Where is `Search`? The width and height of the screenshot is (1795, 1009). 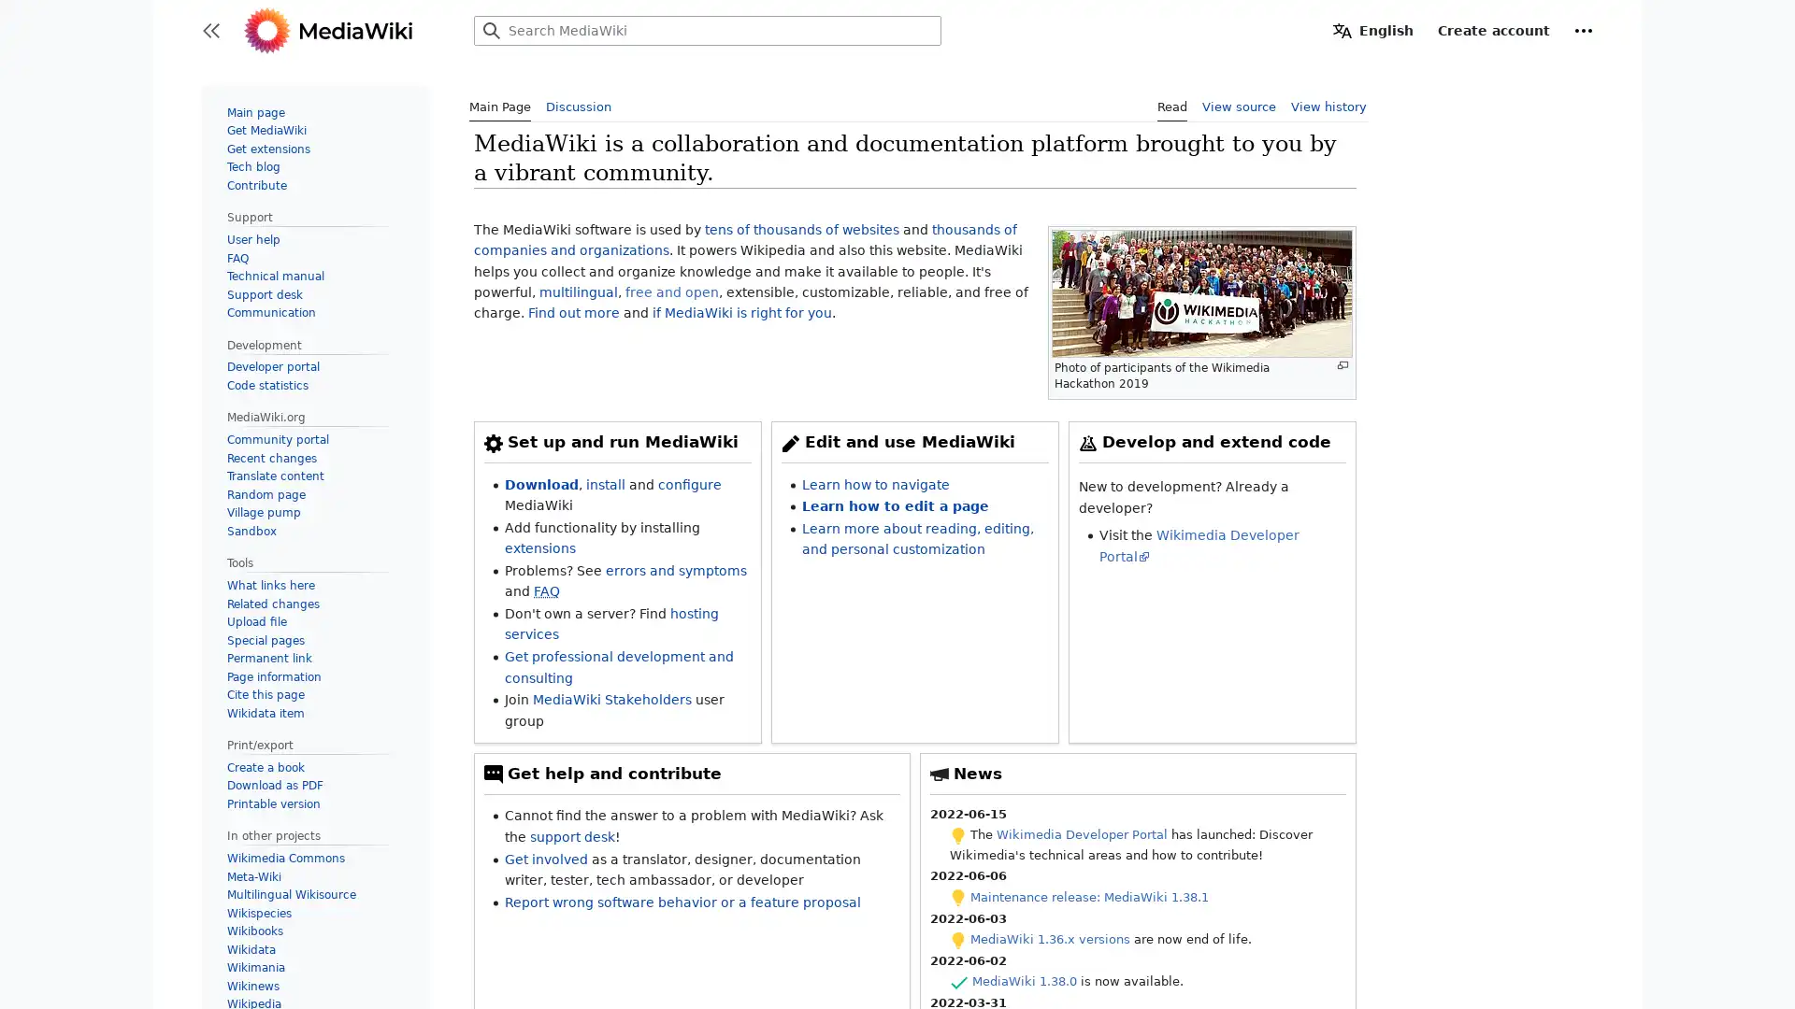 Search is located at coordinates (492, 31).